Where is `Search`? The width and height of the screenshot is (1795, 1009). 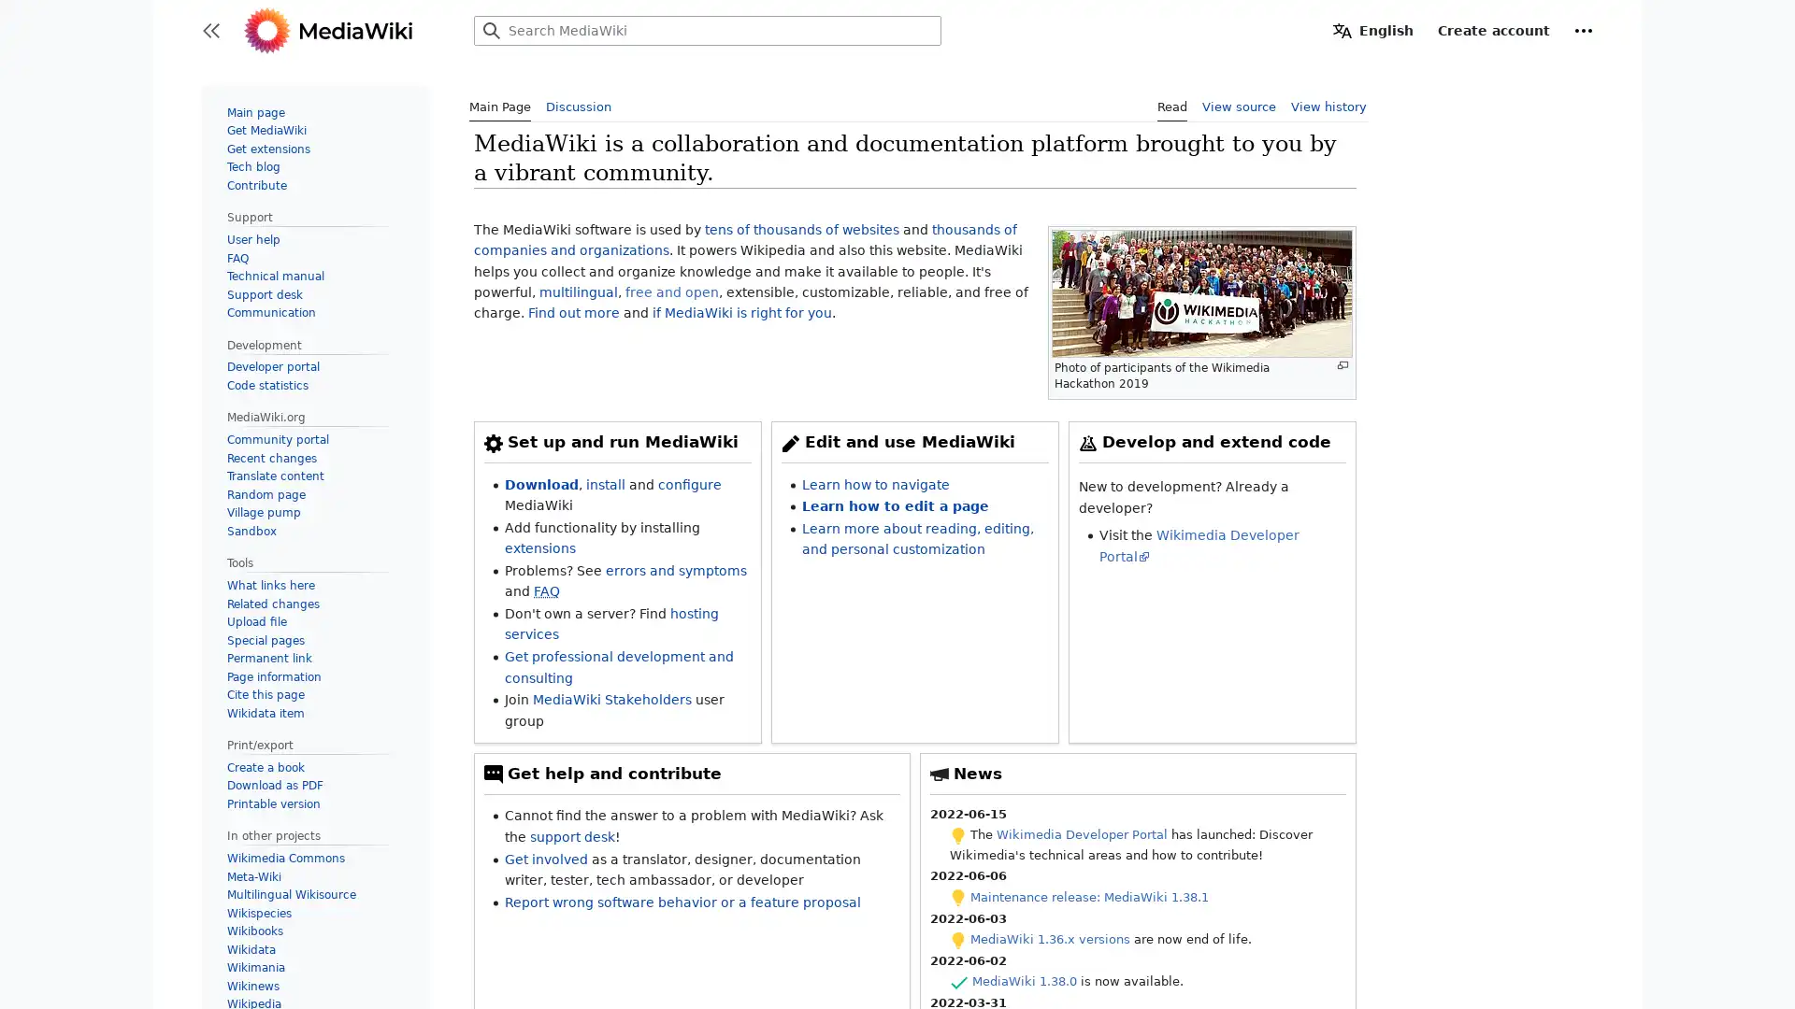 Search is located at coordinates (492, 31).